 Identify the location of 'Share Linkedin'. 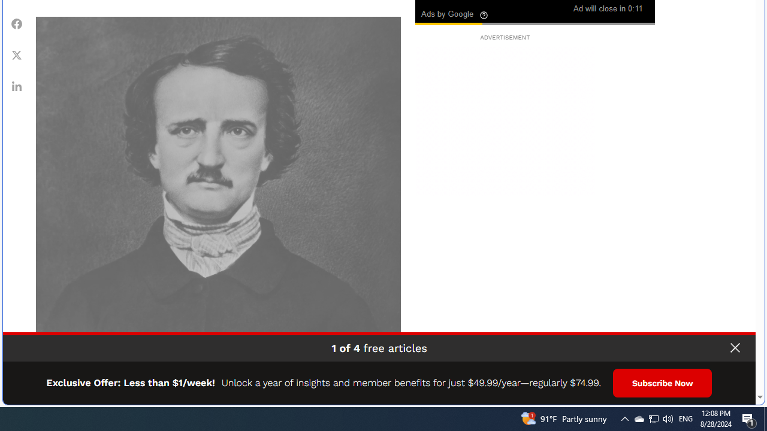
(17, 85).